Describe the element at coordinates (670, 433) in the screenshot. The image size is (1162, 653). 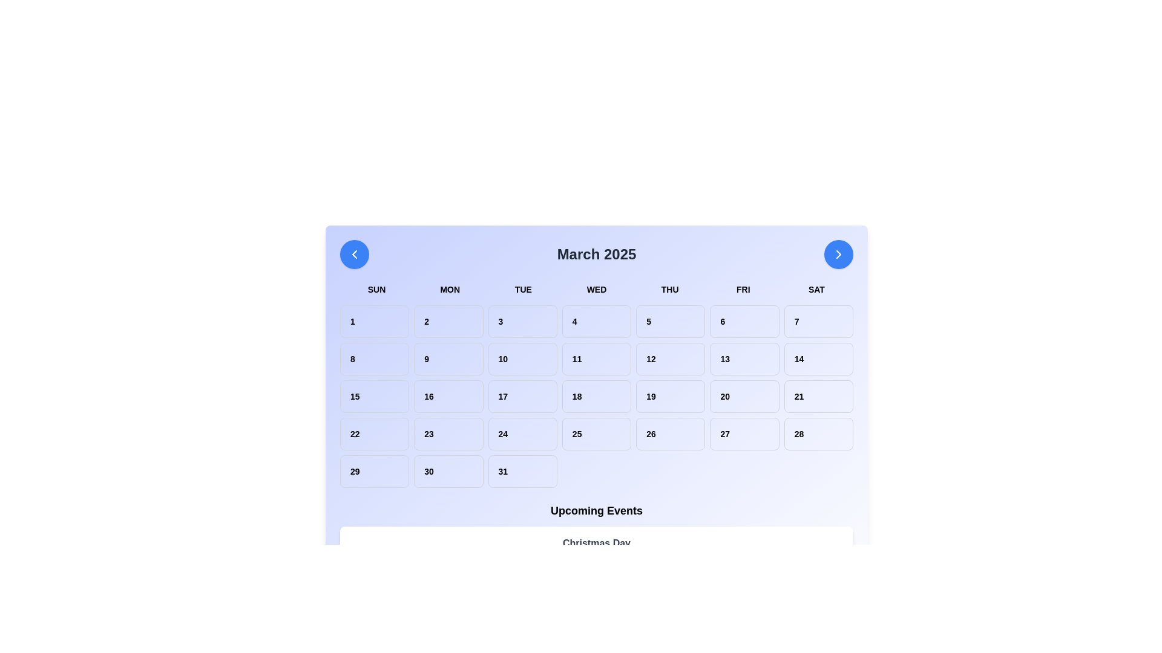
I see `the button representing the calendar date '26'` at that location.